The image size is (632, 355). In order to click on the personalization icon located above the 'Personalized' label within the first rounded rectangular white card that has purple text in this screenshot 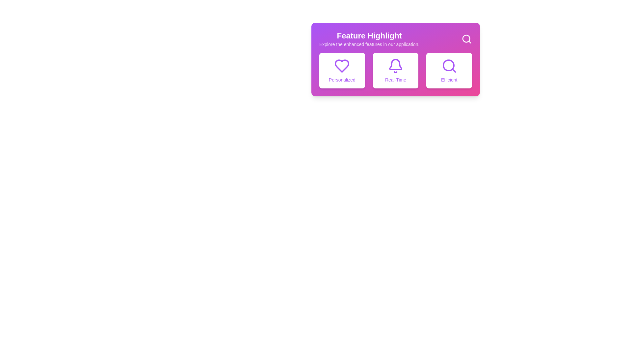, I will do `click(342, 66)`.